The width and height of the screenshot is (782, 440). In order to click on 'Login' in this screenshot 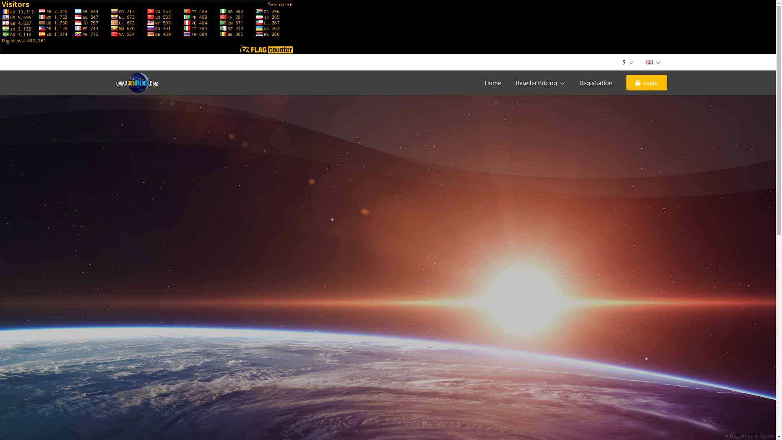, I will do `click(646, 83)`.